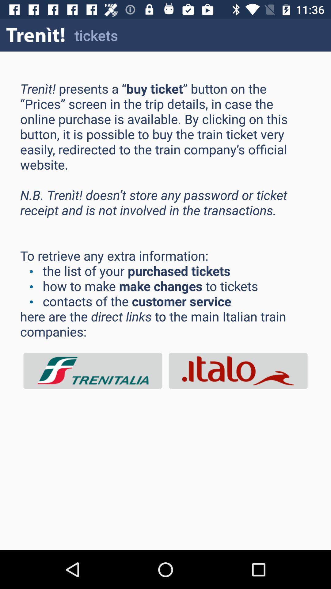  Describe the element at coordinates (165, 210) in the screenshot. I see `the icon at the center` at that location.